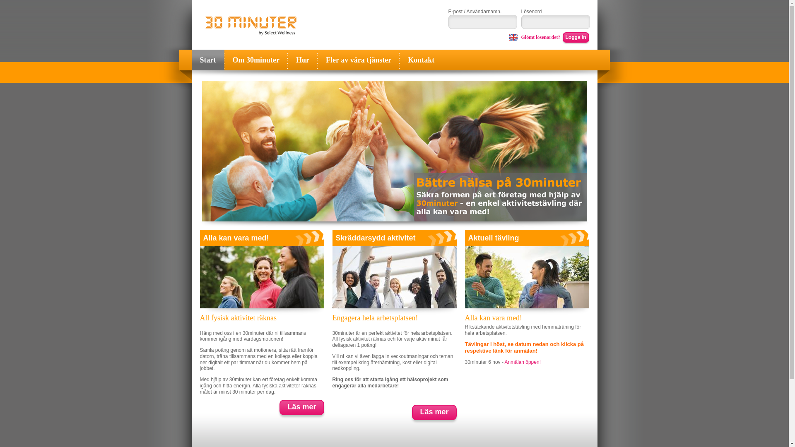 The image size is (795, 447). What do you see at coordinates (302, 60) in the screenshot?
I see `'Hur'` at bounding box center [302, 60].